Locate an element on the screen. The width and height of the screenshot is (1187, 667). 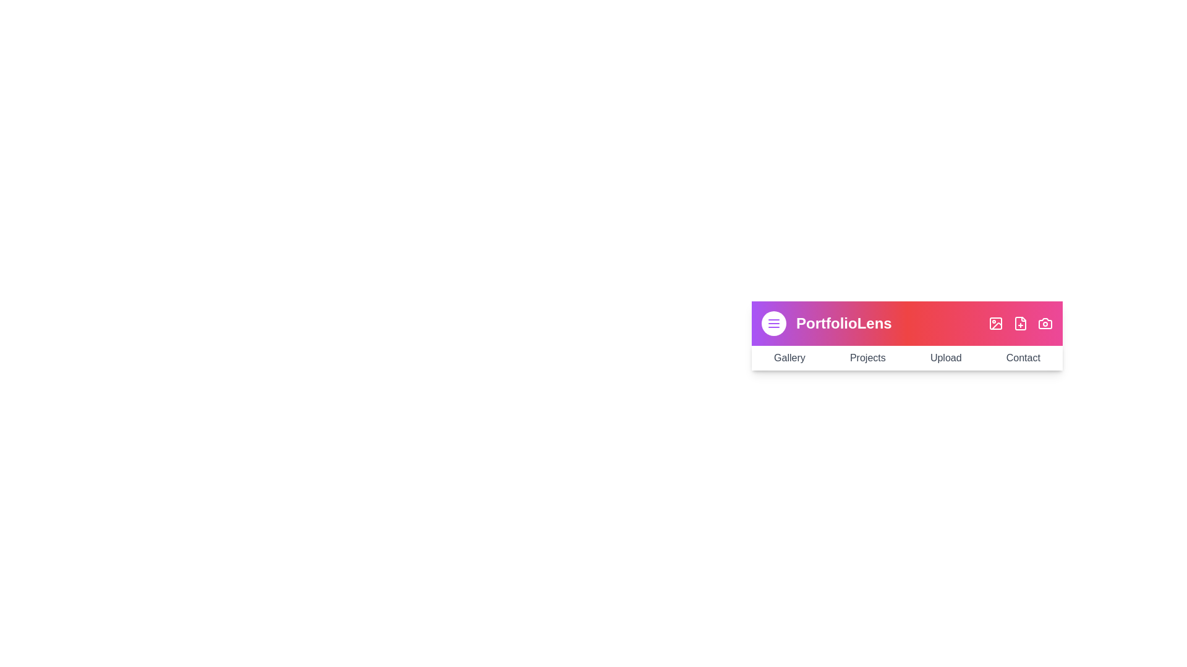
the navigation link for Upload is located at coordinates (945, 358).